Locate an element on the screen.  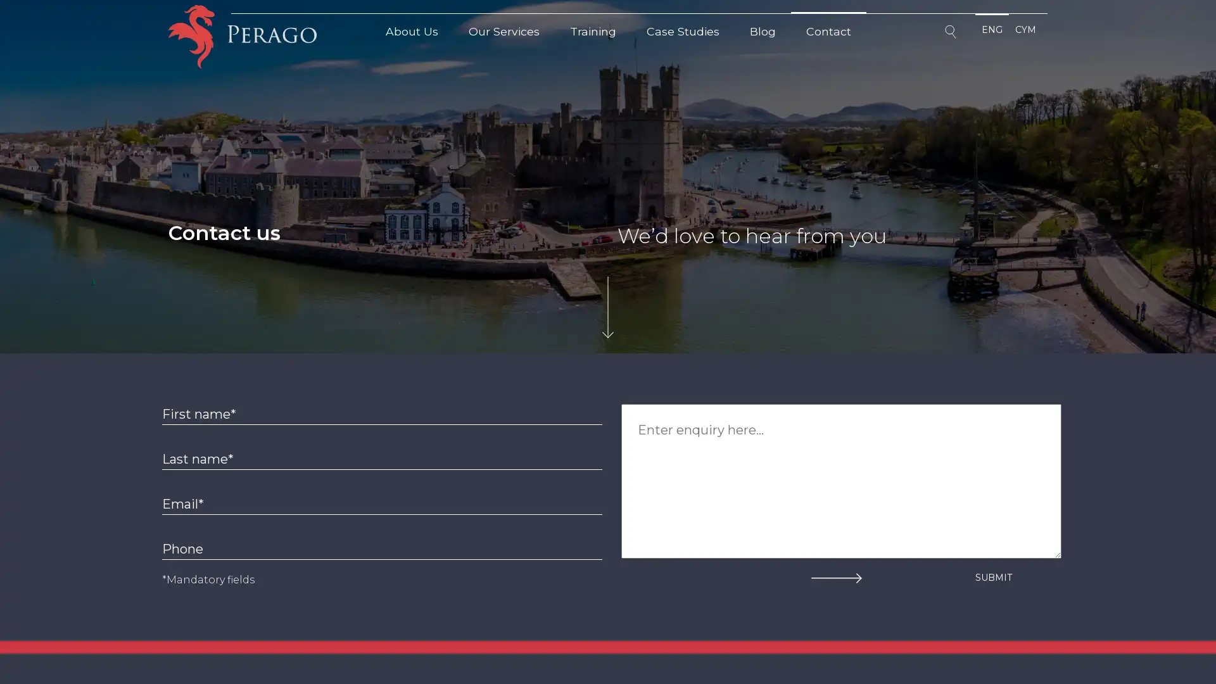
Submit is located at coordinates (993, 577).